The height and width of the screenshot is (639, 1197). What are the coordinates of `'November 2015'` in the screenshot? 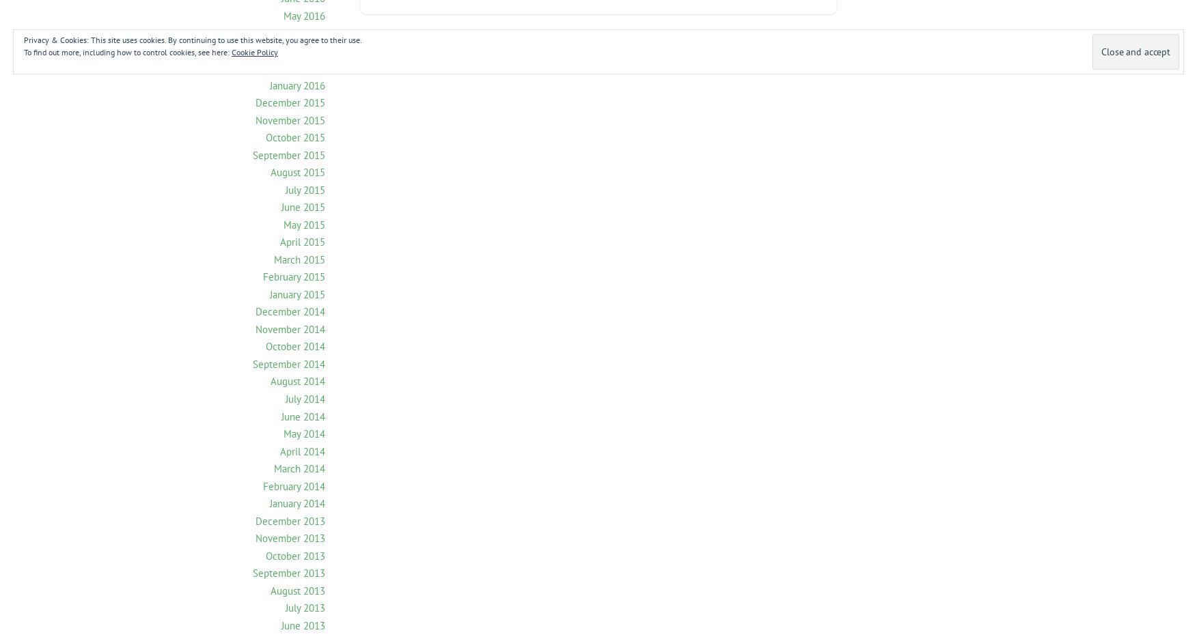 It's located at (290, 119).